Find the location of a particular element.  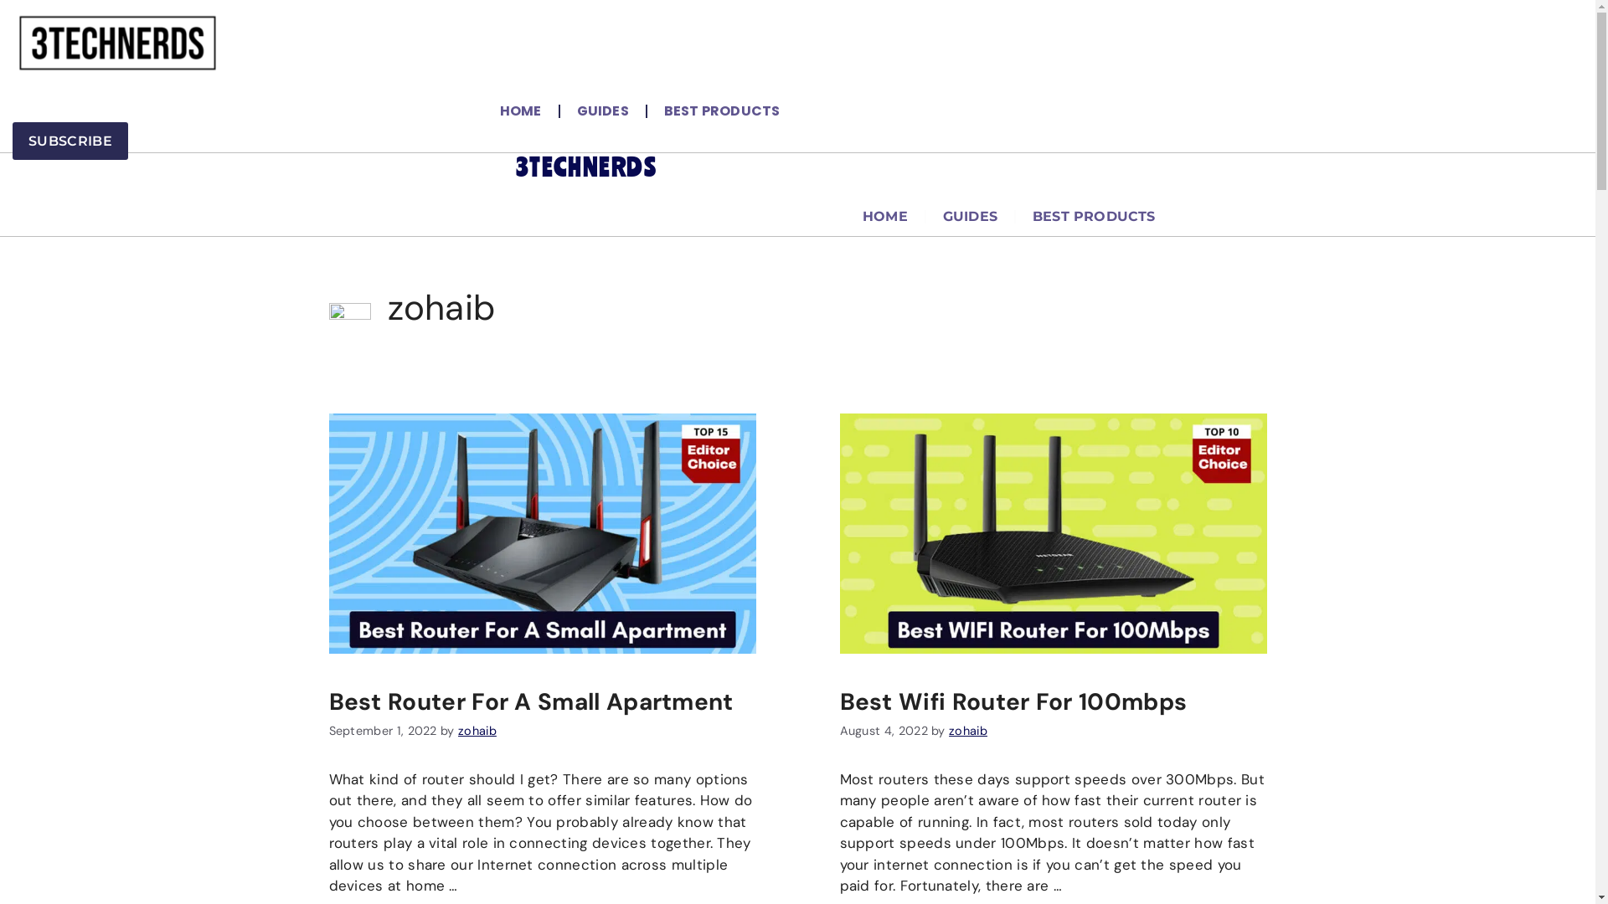

'SUBSCRIBE' is located at coordinates (69, 140).